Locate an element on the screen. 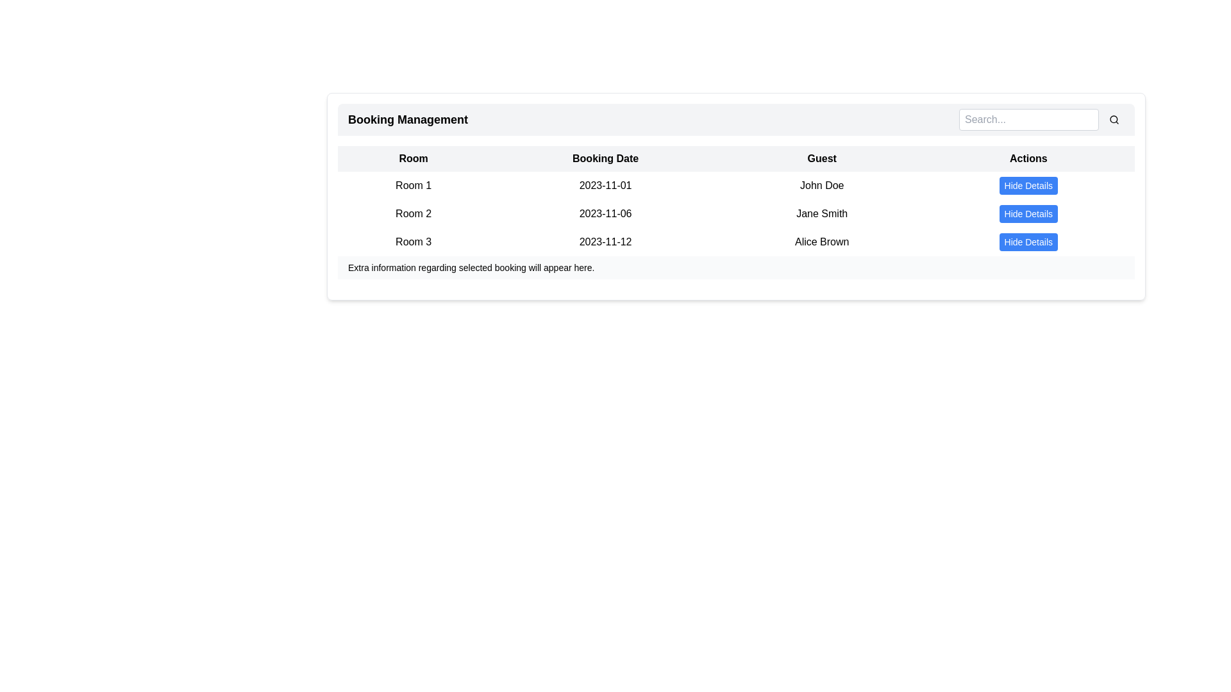 The image size is (1231, 692). the text label displaying 'Room 1', which is the first cell in the 'Room' column of the booking details table is located at coordinates (414, 185).